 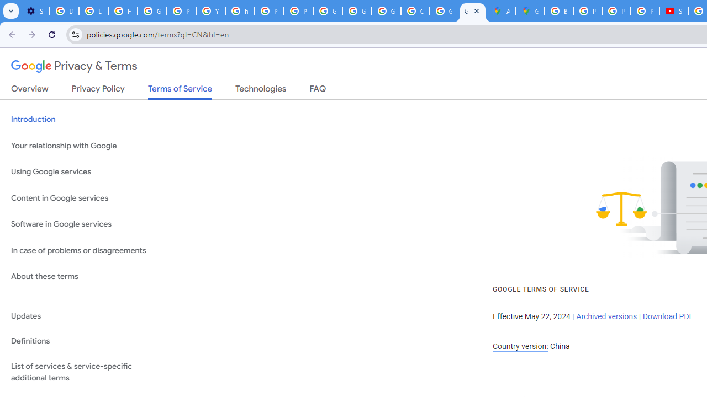 I want to click on 'Google Account Help', so click(x=151, y=11).